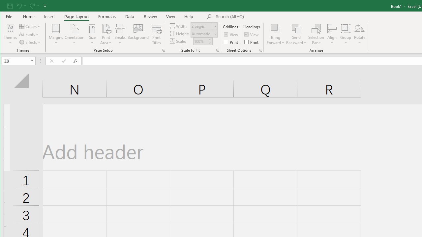 This screenshot has height=237, width=422. What do you see at coordinates (345, 34) in the screenshot?
I see `'Group'` at bounding box center [345, 34].